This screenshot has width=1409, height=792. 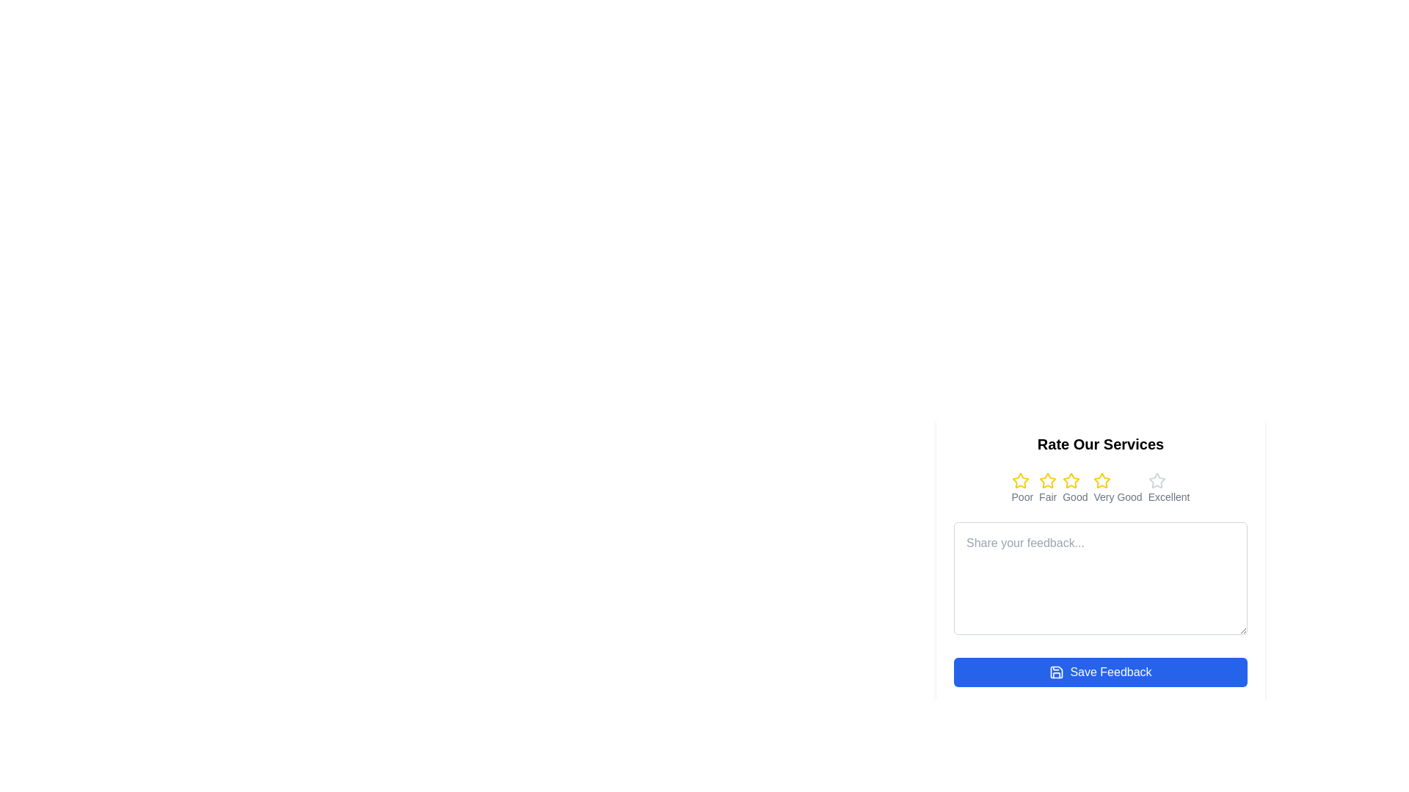 I want to click on the second star icon for the 'Fair' rating under the 'Rate Our Services' text, so click(x=1047, y=480).